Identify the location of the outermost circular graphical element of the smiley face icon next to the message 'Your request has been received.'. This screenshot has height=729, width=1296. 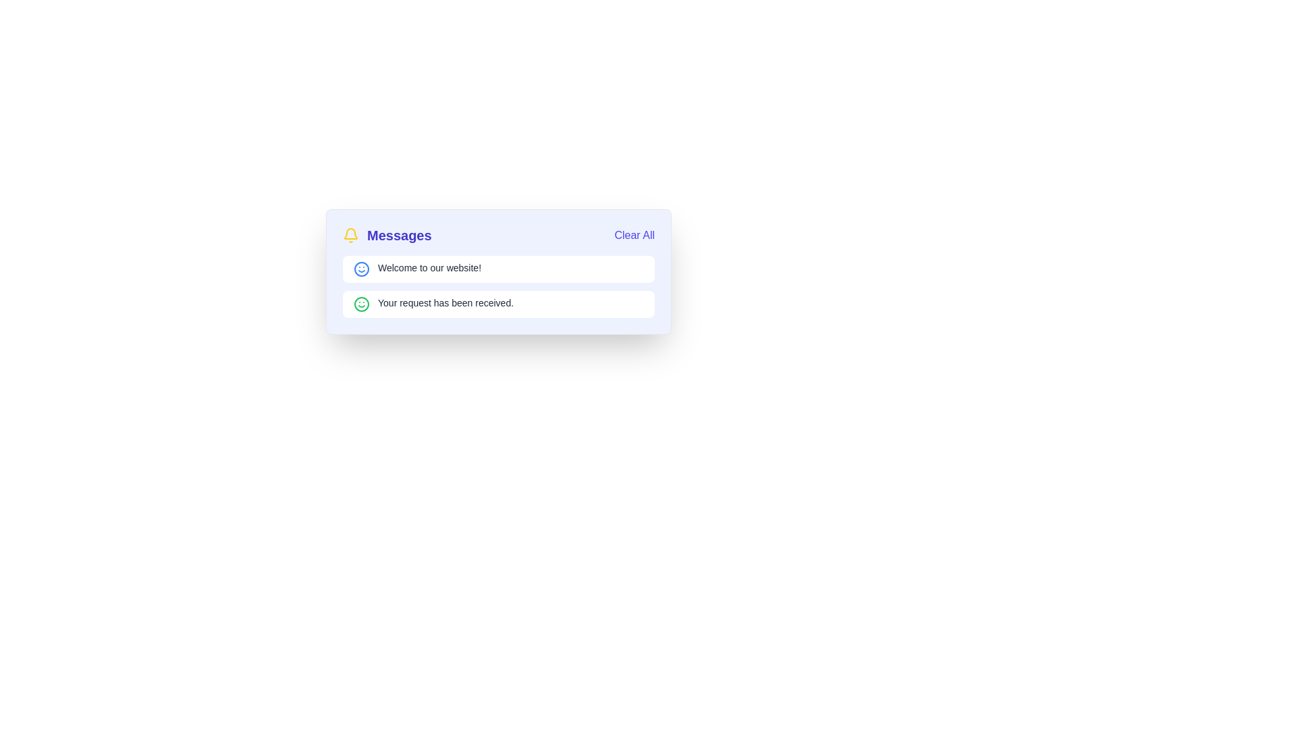
(362, 269).